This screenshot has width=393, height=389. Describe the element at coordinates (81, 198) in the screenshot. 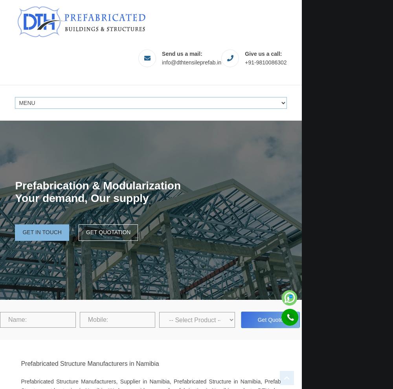

I see `'Your demand, Our supply'` at that location.